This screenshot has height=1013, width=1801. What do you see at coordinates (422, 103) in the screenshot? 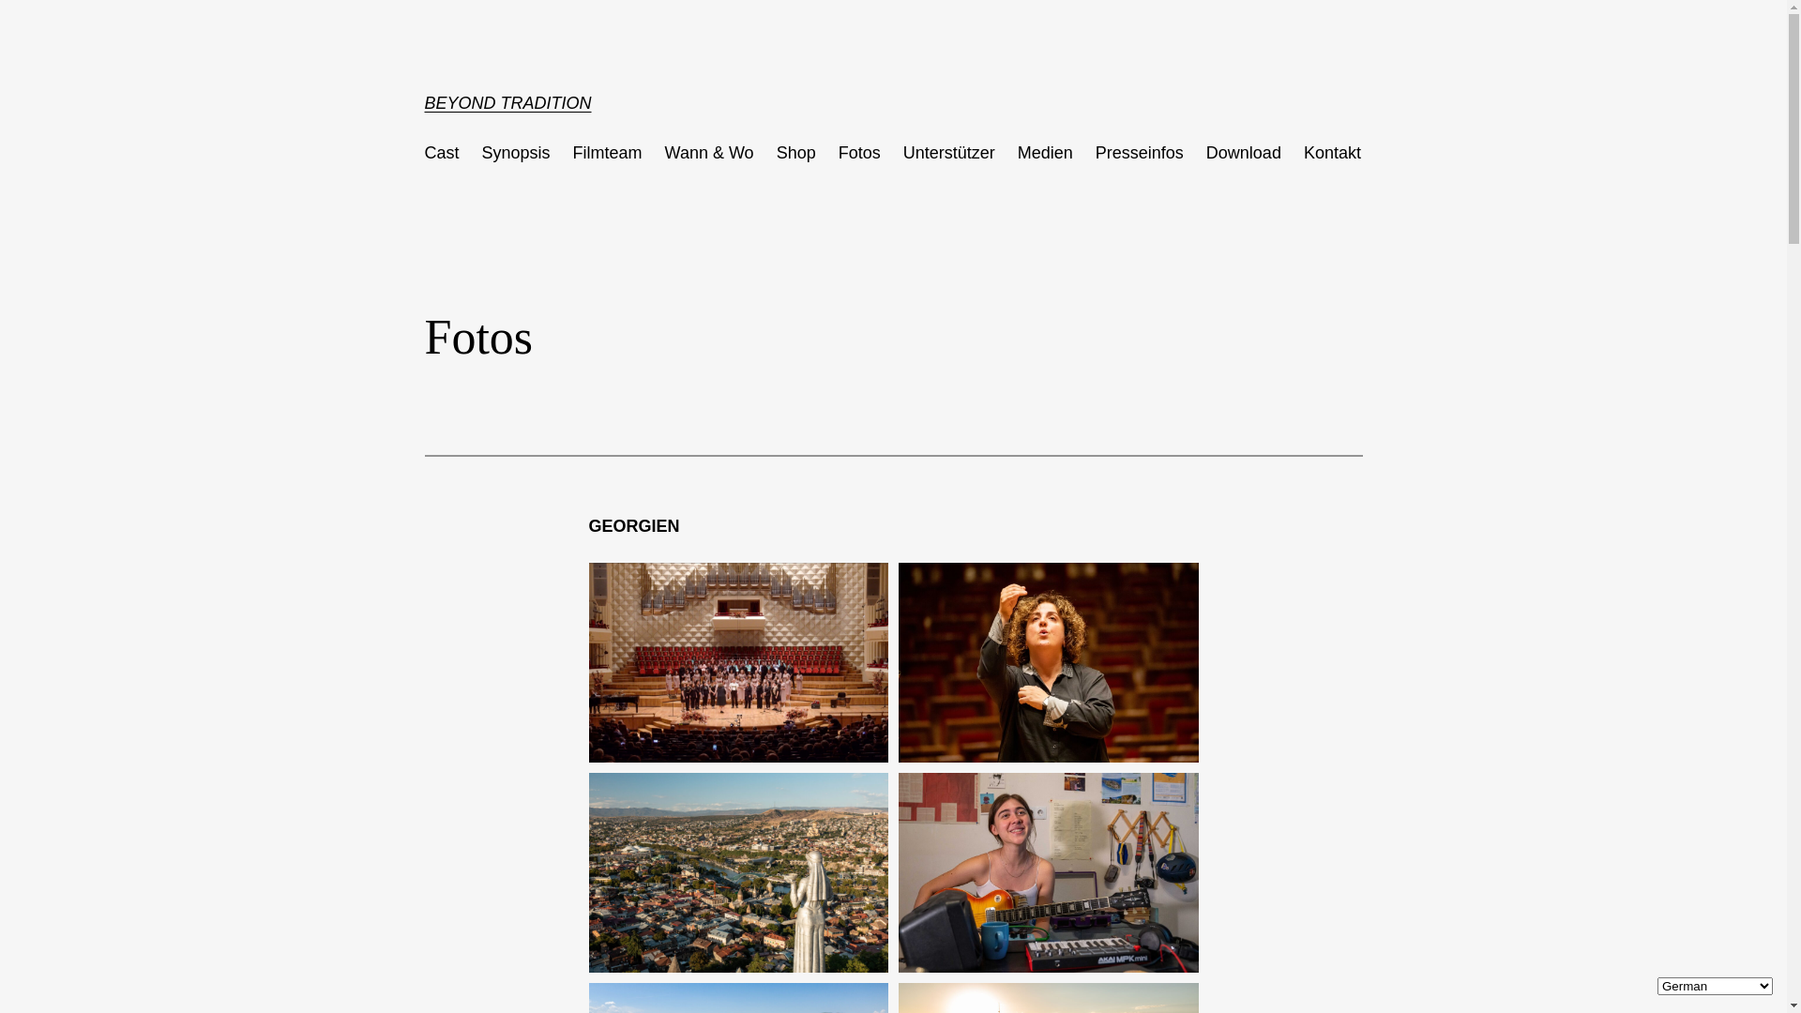
I see `'BEYOND TRADITION'` at bounding box center [422, 103].